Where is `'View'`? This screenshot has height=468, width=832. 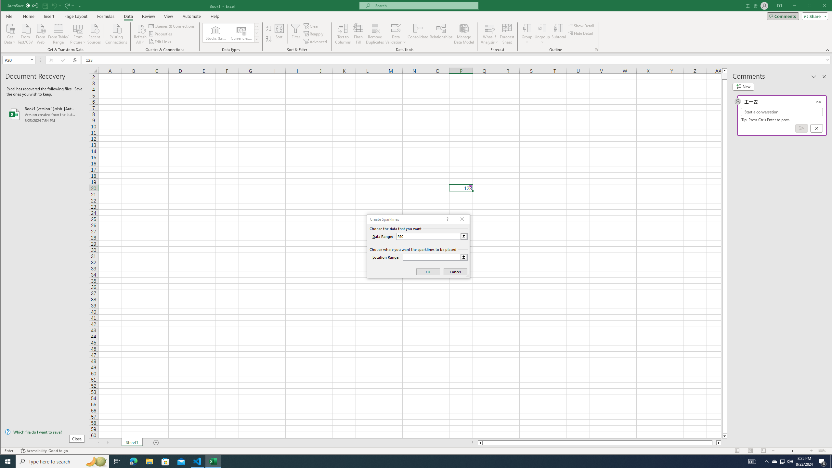 'View' is located at coordinates (168, 16).